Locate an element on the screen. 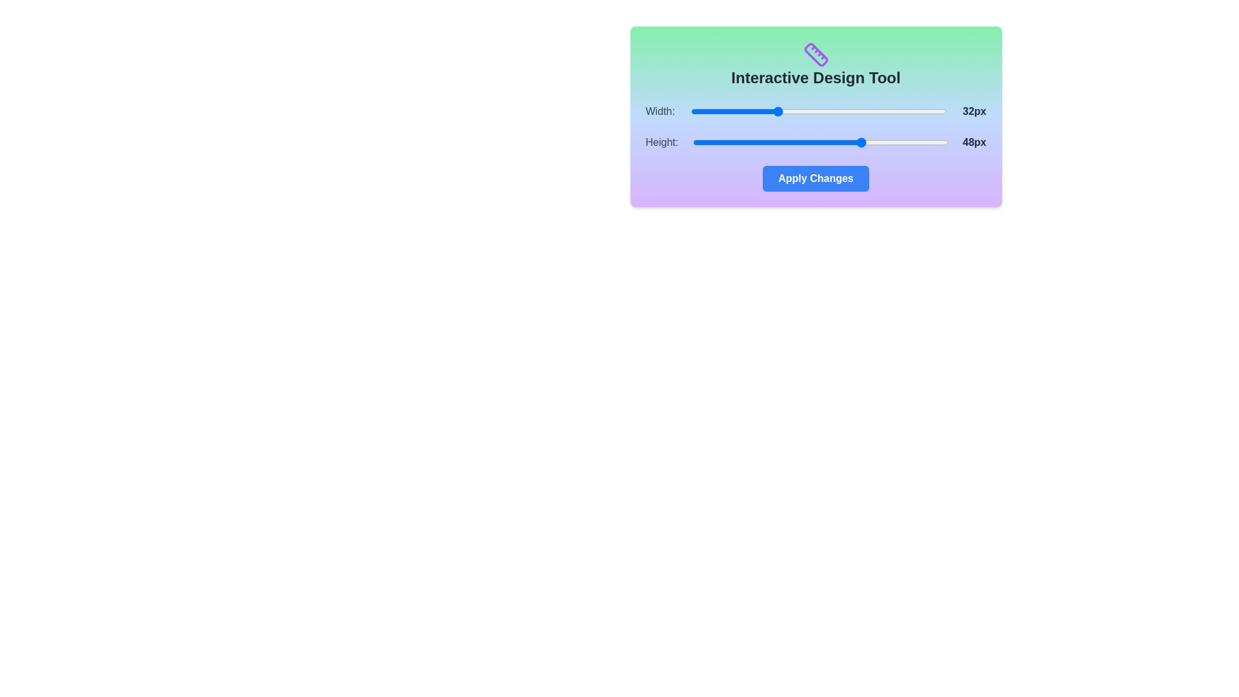 Image resolution: width=1239 pixels, height=697 pixels. the 'Height' slider to set its value to 45 is located at coordinates (847, 142).